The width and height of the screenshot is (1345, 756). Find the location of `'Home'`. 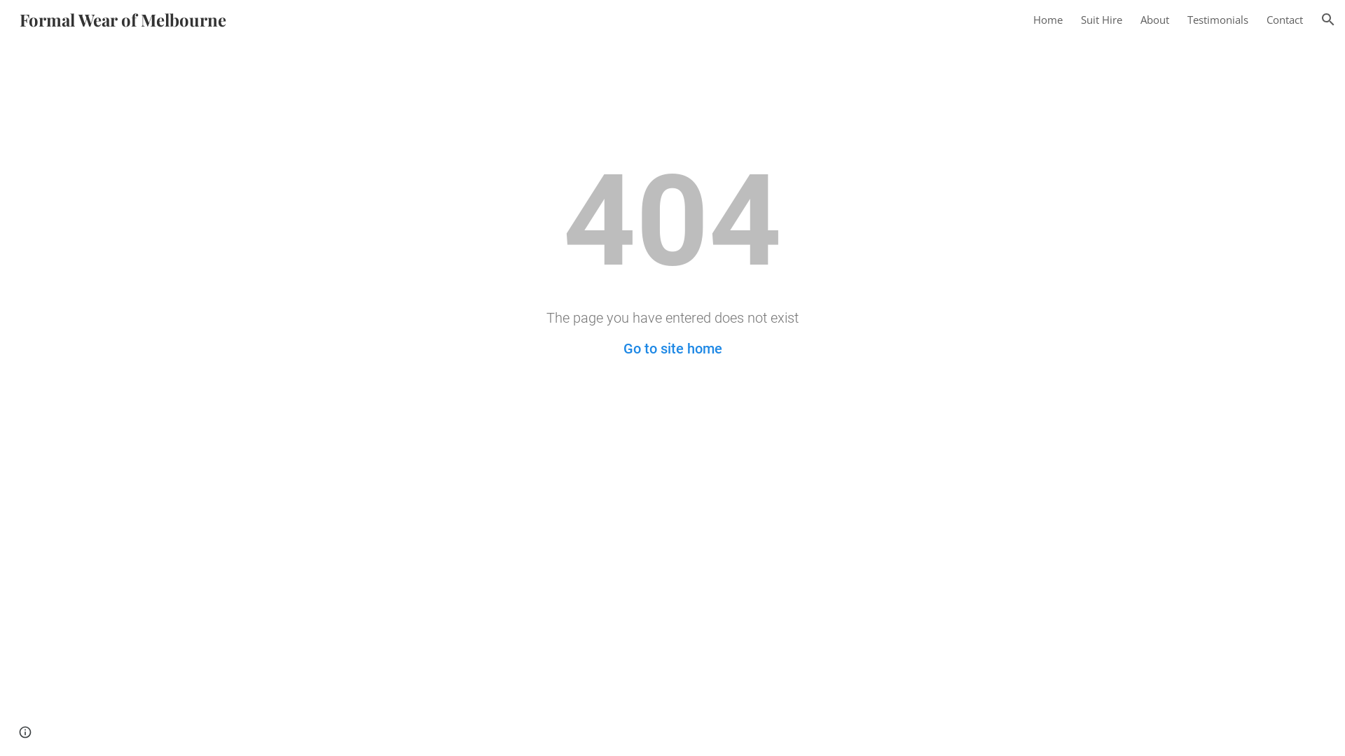

'Home' is located at coordinates (1048, 19).